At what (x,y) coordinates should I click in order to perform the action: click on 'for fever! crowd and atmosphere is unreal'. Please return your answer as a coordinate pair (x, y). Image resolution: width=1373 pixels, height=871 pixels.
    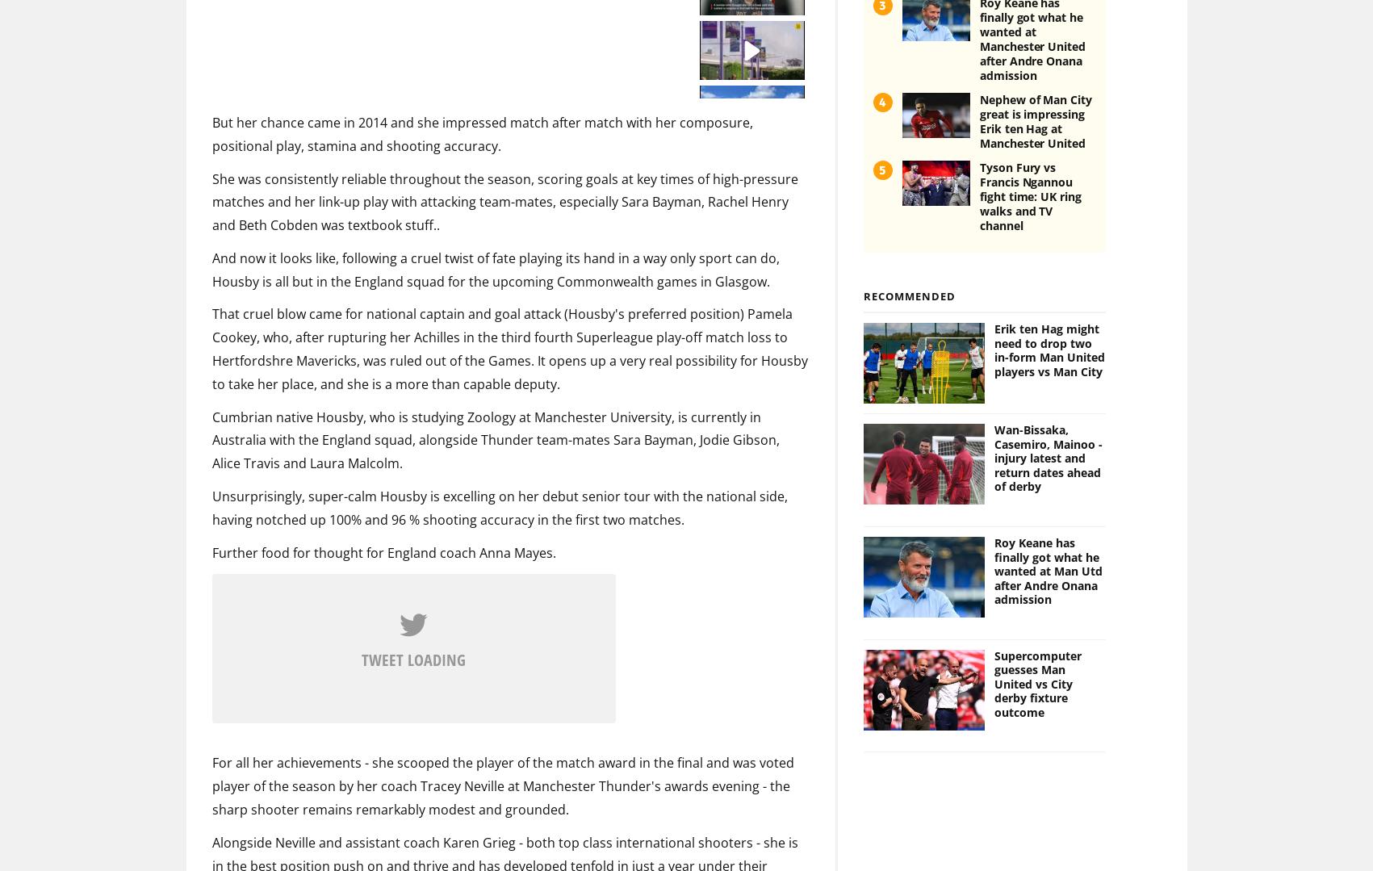
    Looking at the image, I should click on (395, 570).